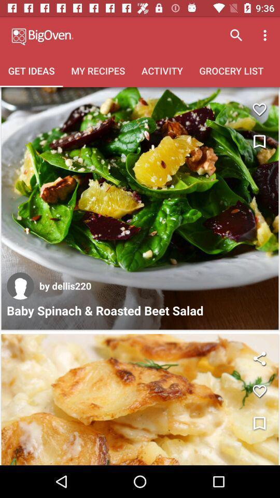  I want to click on item to the left of the by dellis220, so click(20, 286).